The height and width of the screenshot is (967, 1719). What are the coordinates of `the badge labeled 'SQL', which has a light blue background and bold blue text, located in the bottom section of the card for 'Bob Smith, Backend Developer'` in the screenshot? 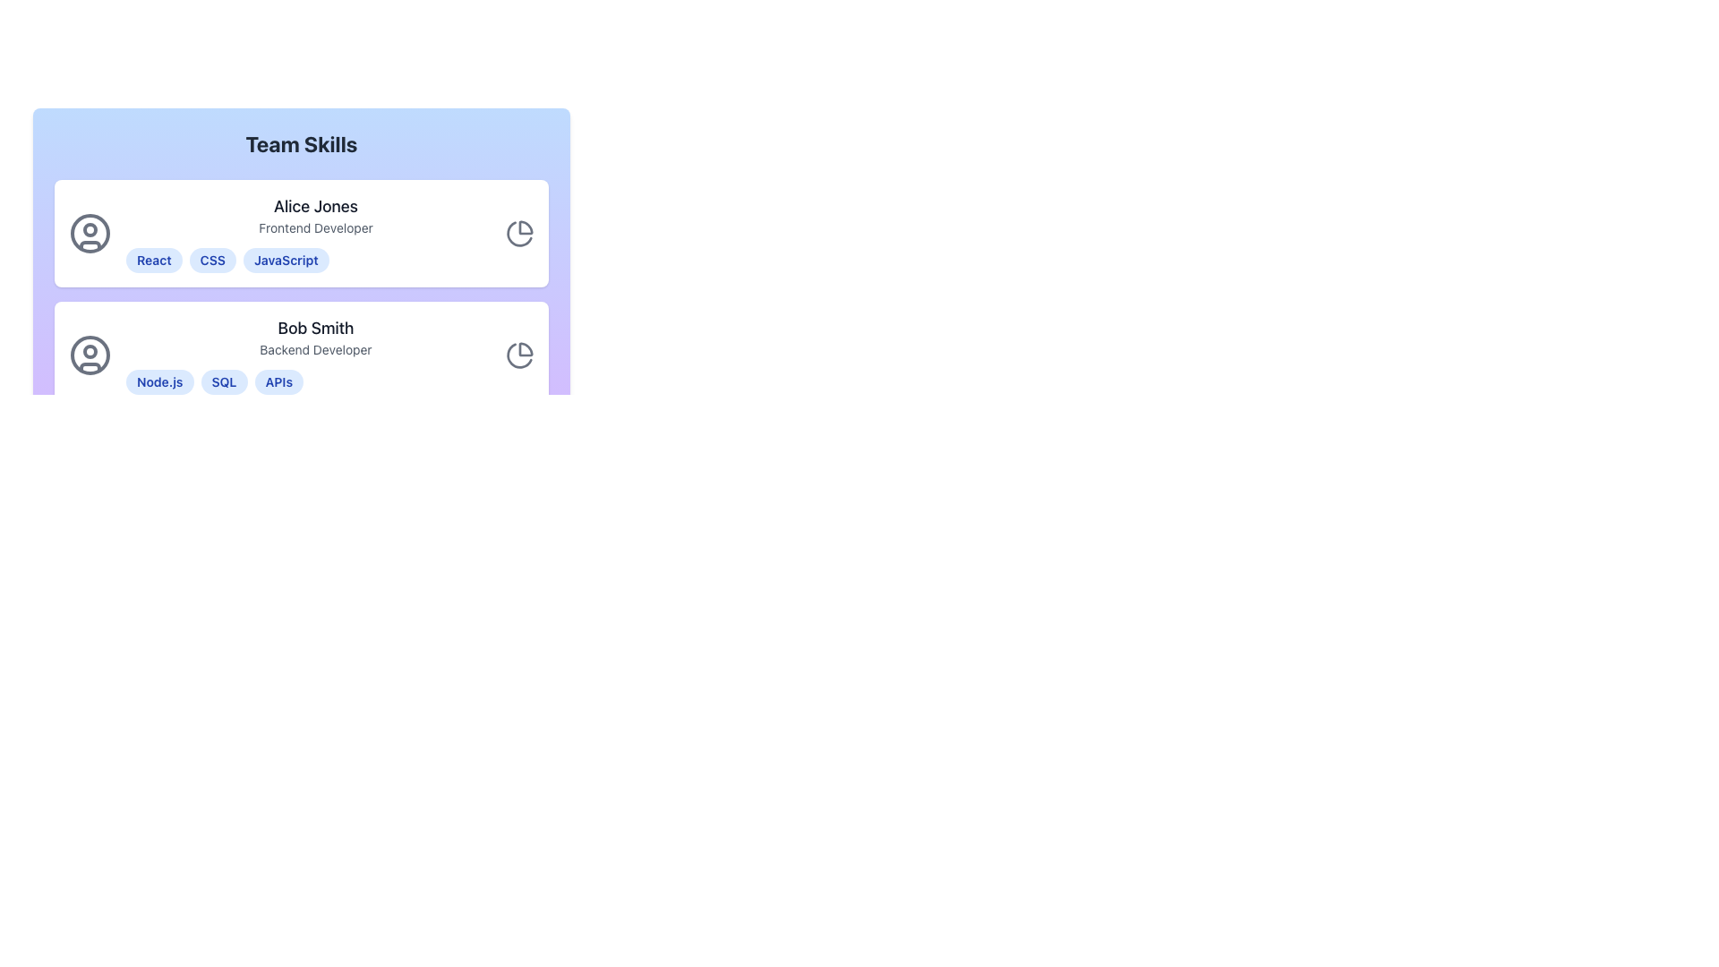 It's located at (223, 381).